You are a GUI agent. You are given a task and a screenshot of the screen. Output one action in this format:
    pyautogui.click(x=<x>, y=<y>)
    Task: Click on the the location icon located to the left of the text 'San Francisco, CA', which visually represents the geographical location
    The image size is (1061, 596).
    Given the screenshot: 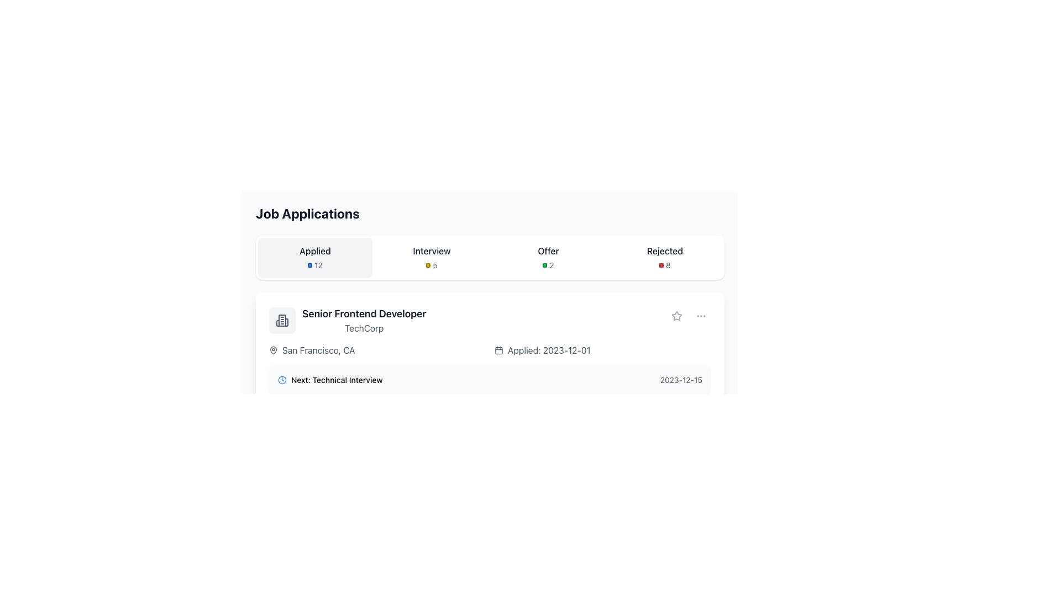 What is the action you would take?
    pyautogui.click(x=273, y=350)
    